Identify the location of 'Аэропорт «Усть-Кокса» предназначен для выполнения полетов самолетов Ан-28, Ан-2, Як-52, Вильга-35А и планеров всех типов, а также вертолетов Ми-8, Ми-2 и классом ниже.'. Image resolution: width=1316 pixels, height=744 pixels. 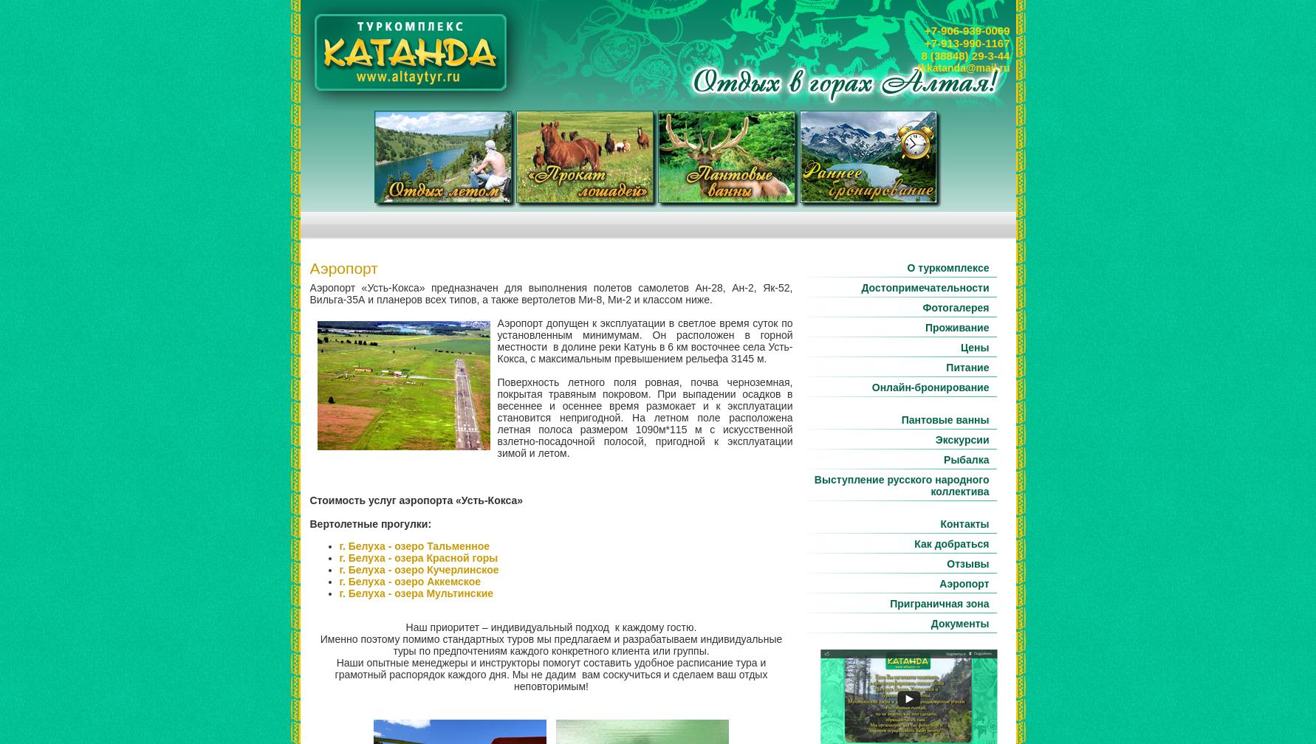
(550, 293).